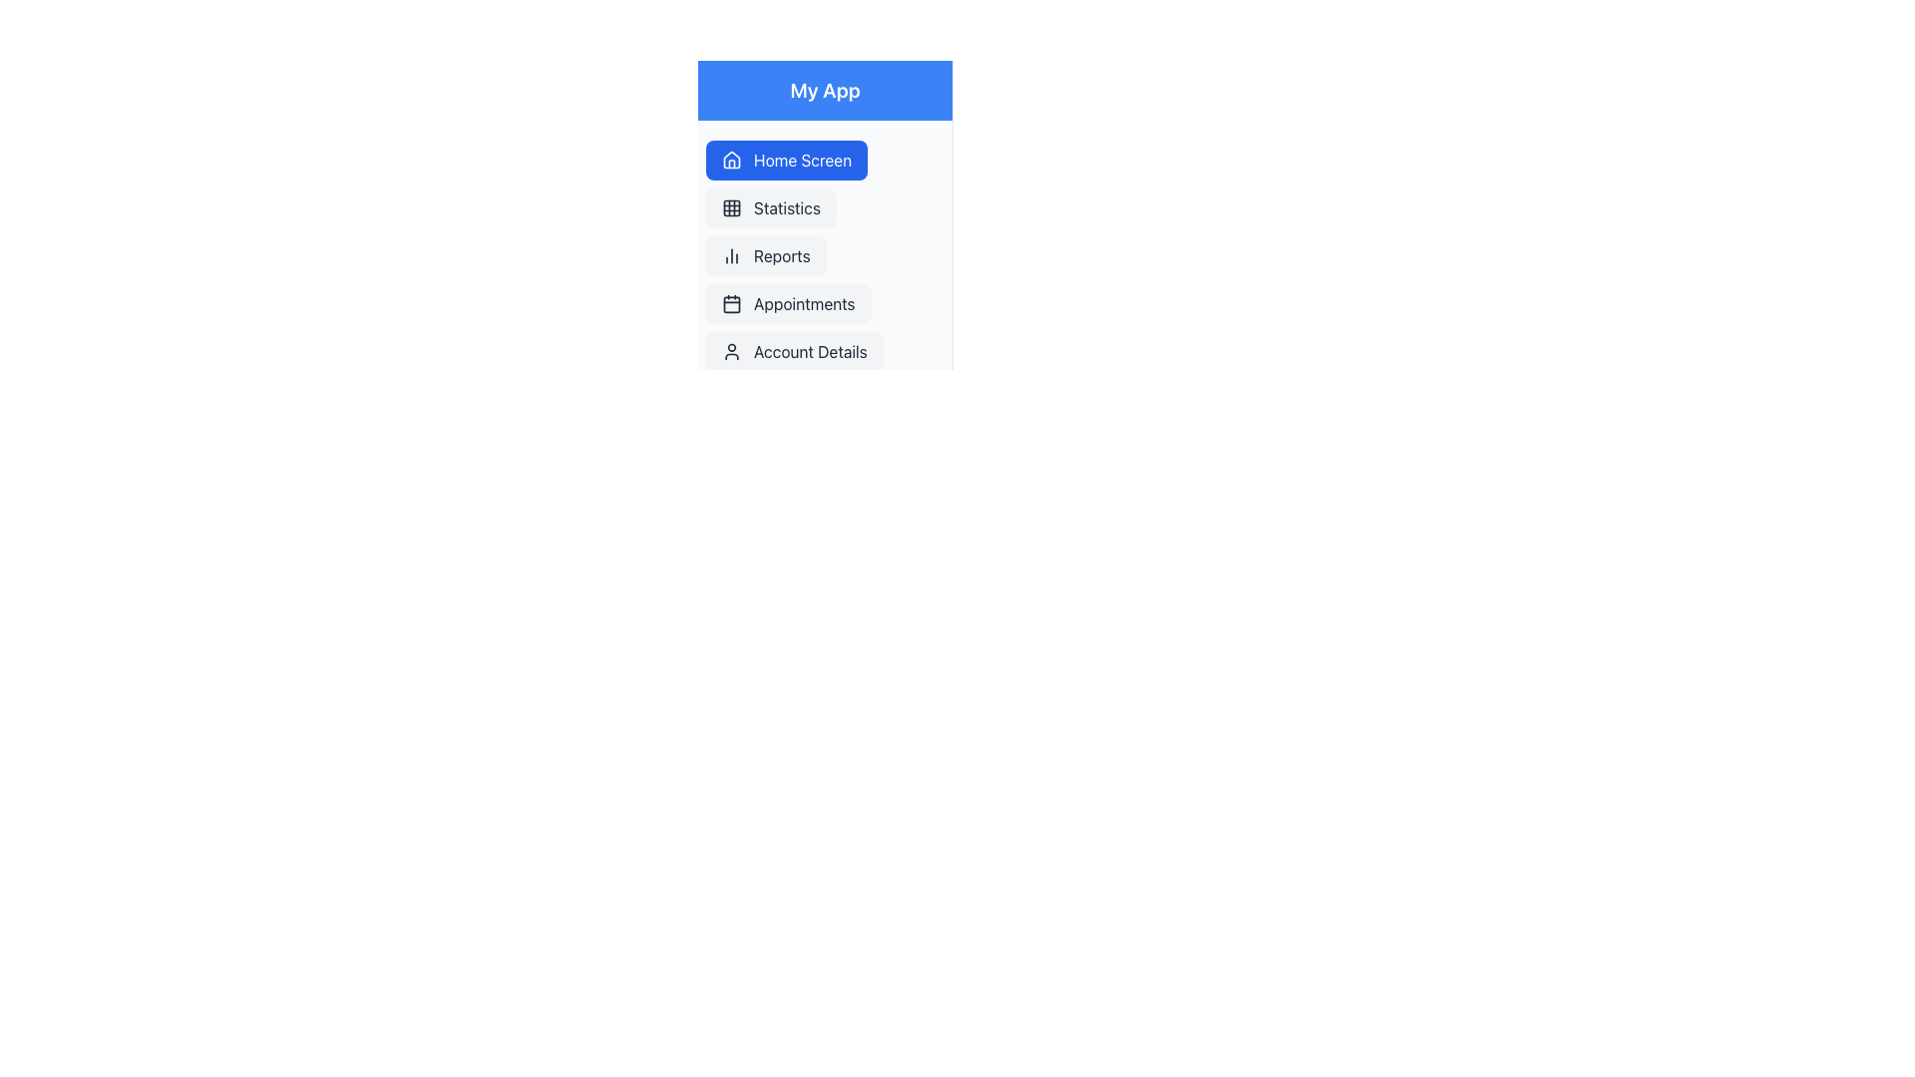 The image size is (1915, 1077). What do you see at coordinates (765, 255) in the screenshot?
I see `the 'Reports' button, which is a horizontal button with a light gray background and a chart icon on the left, located in the left sidebar between 'Statistics' and 'Appointments'` at bounding box center [765, 255].